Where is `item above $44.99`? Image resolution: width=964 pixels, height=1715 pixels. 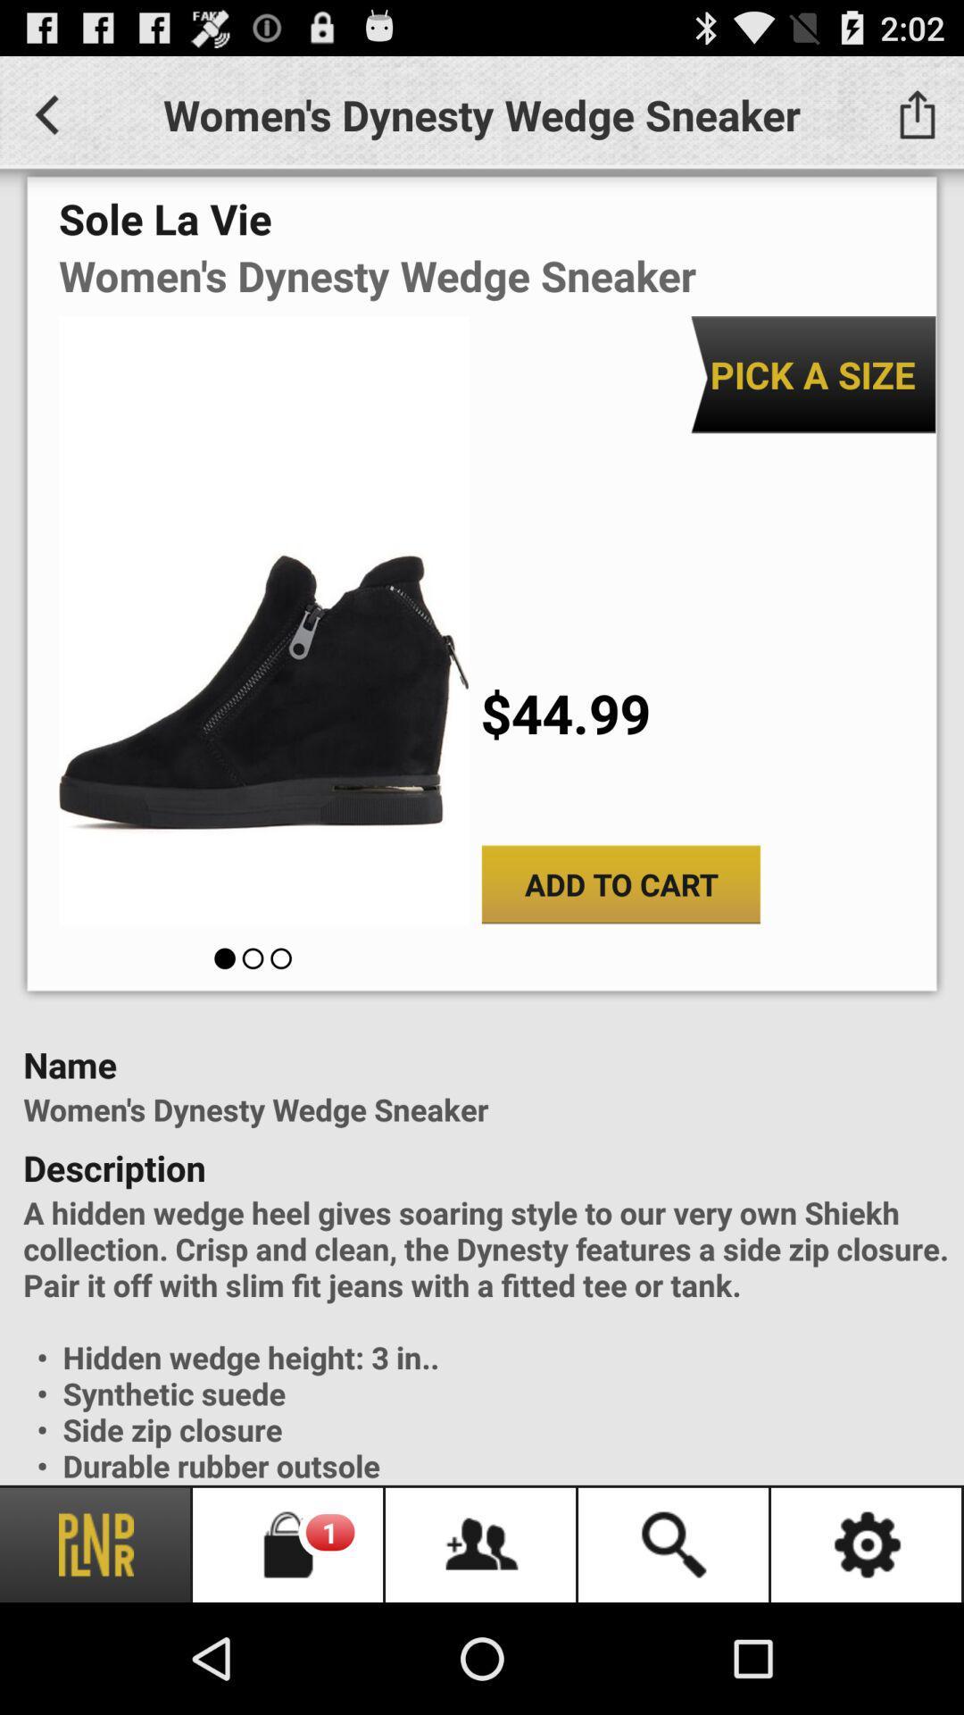
item above $44.99 is located at coordinates (812, 373).